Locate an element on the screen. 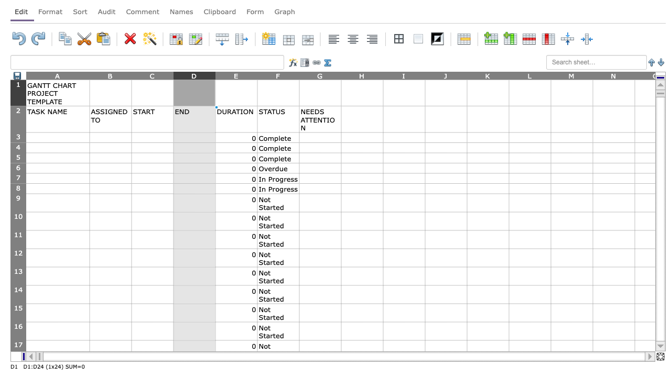  the right edge of column G to resize is located at coordinates (341, 75).